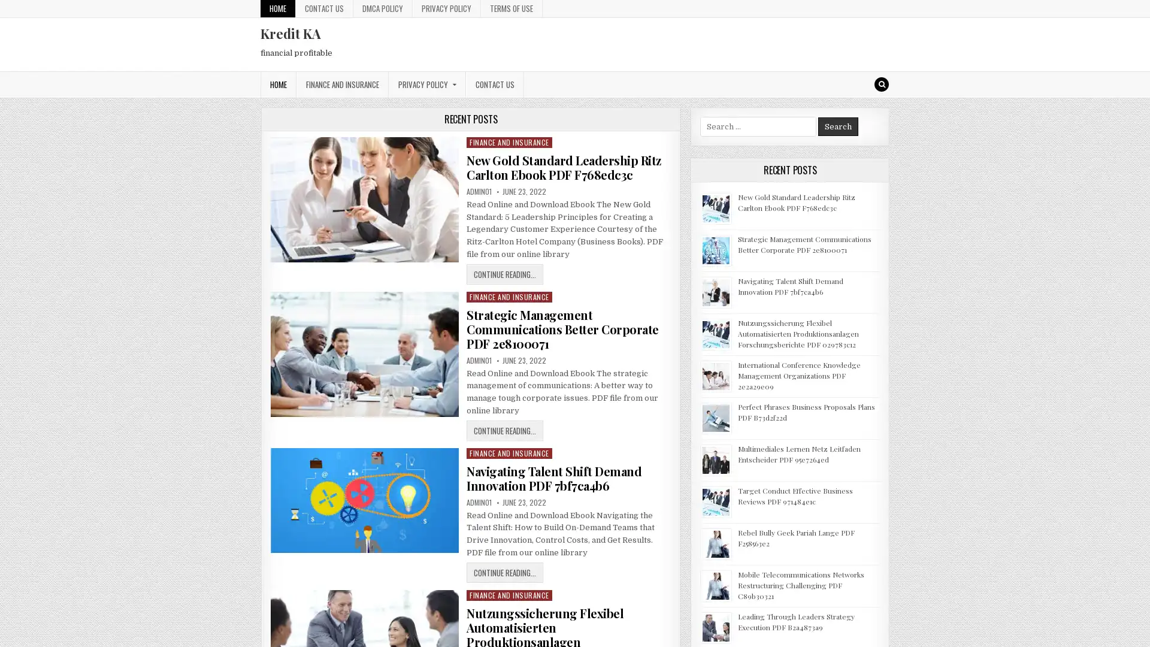  I want to click on Search, so click(837, 126).